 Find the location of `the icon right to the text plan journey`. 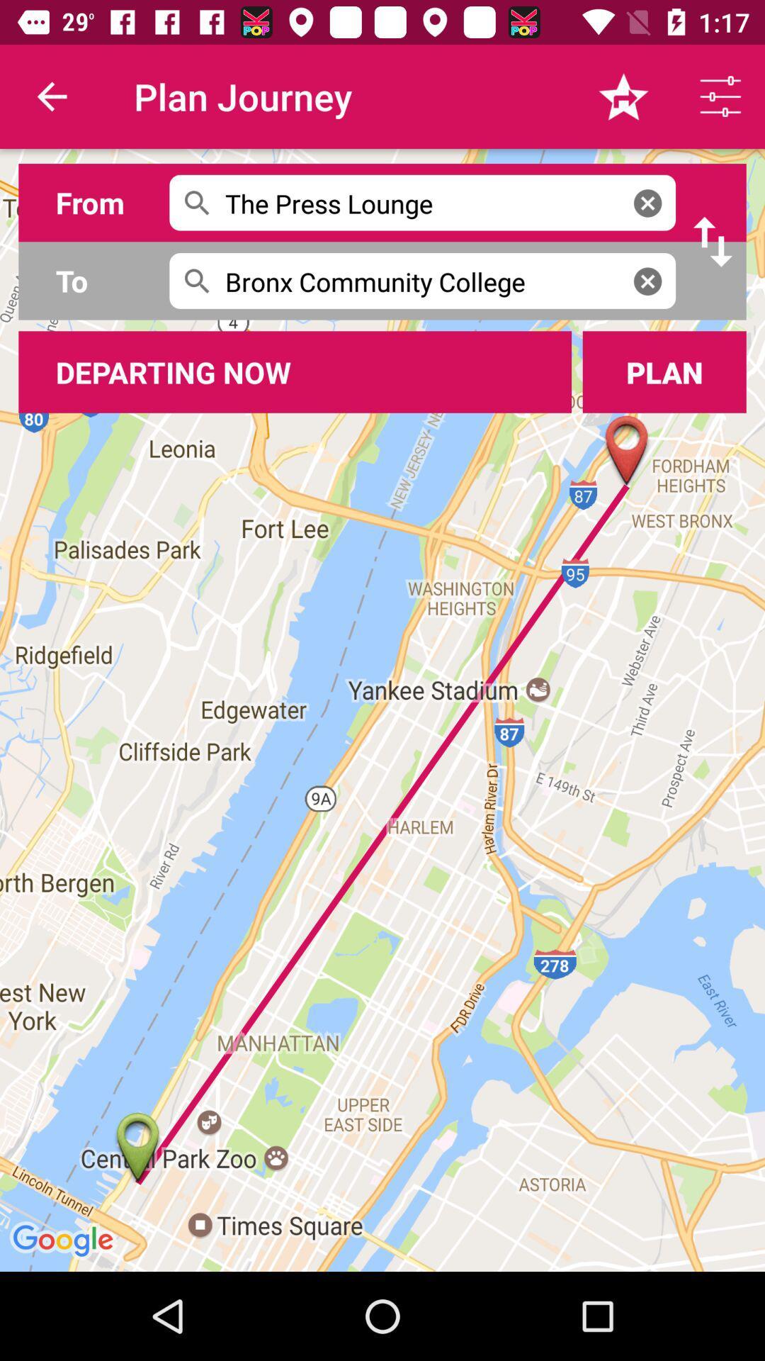

the icon right to the text plan journey is located at coordinates (623, 96).